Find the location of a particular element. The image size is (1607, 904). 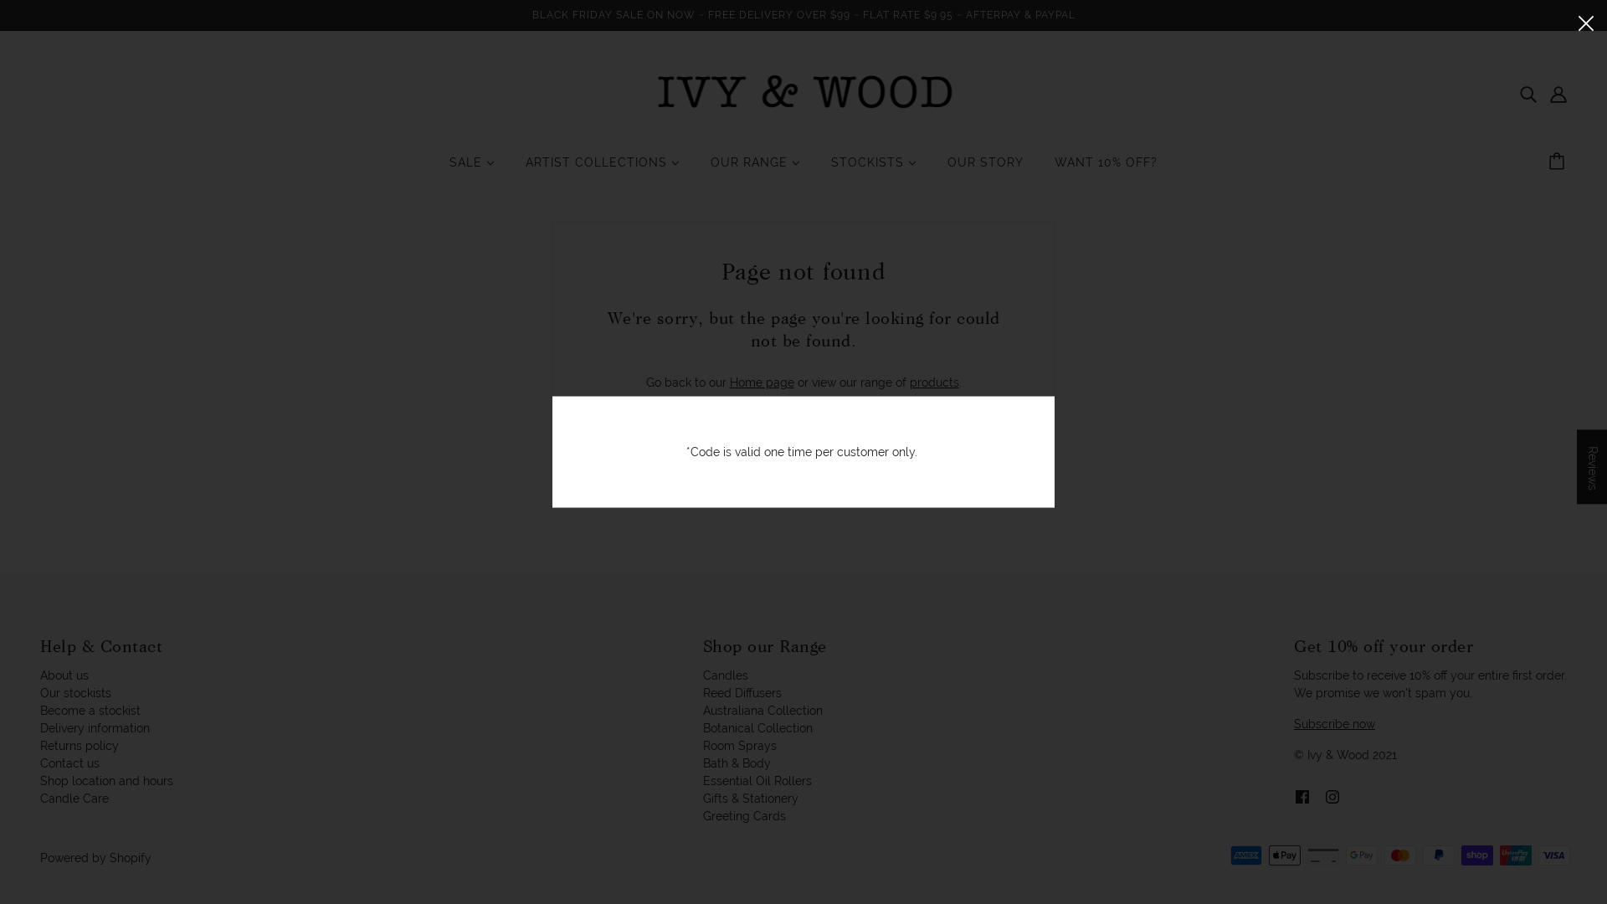

'Botanical Collection' is located at coordinates (703, 727).